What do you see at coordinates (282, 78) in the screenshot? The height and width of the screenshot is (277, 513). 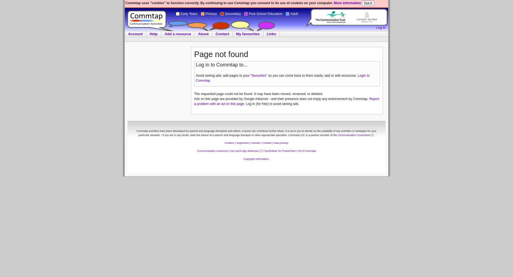 I see `'Login to Commtap'` at bounding box center [282, 78].